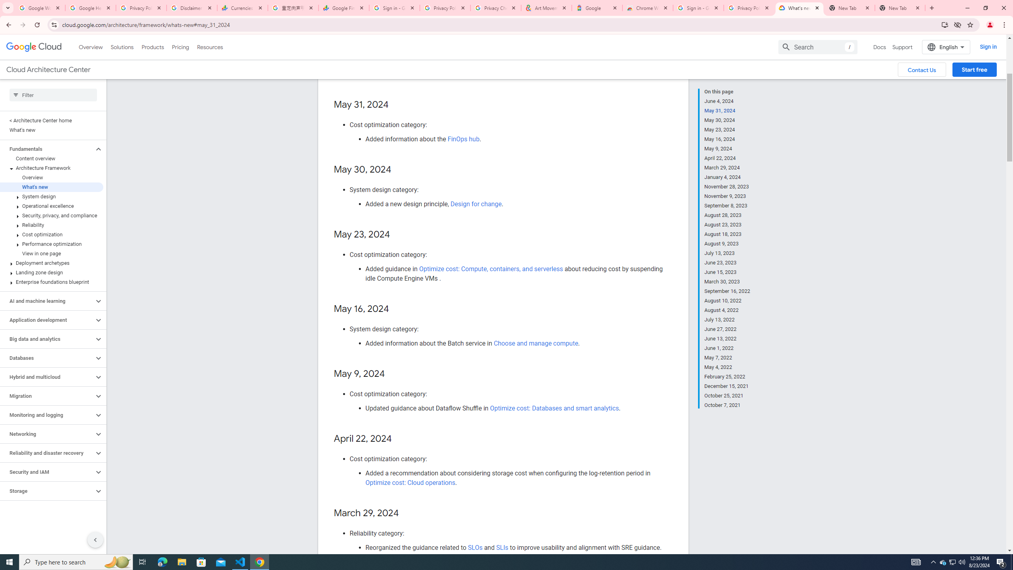  What do you see at coordinates (727, 101) in the screenshot?
I see `'June 4, 2024'` at bounding box center [727, 101].